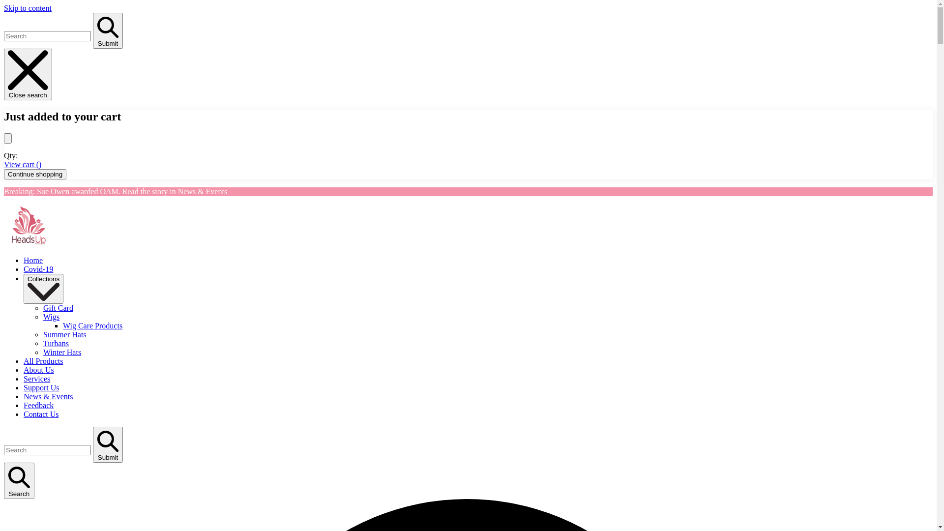 Image resolution: width=944 pixels, height=531 pixels. I want to click on 'About Us', so click(38, 370).